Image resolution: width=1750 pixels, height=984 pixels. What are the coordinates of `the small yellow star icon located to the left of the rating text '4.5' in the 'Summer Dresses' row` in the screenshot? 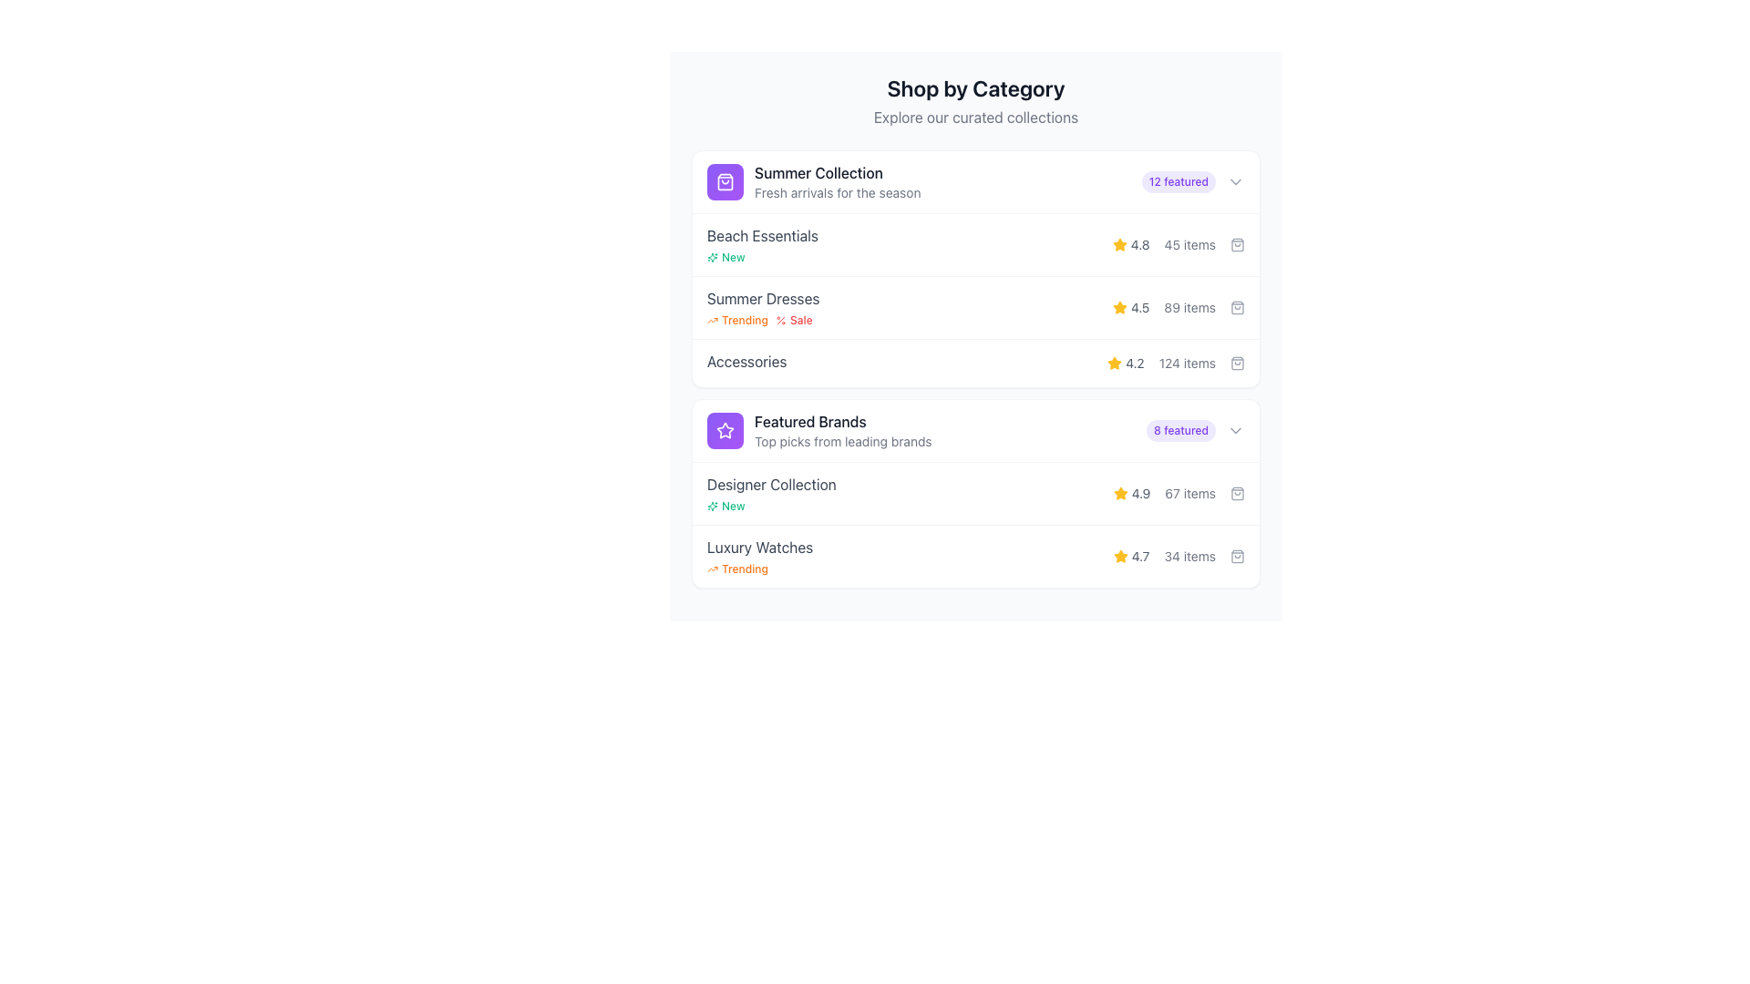 It's located at (1118, 307).